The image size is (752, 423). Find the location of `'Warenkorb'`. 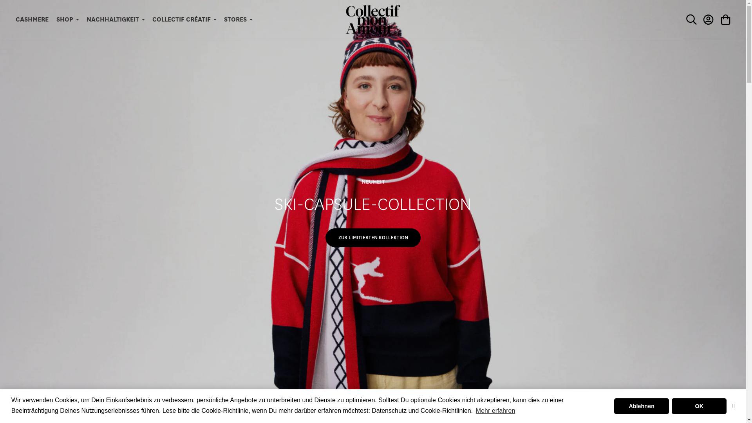

'Warenkorb' is located at coordinates (717, 19).